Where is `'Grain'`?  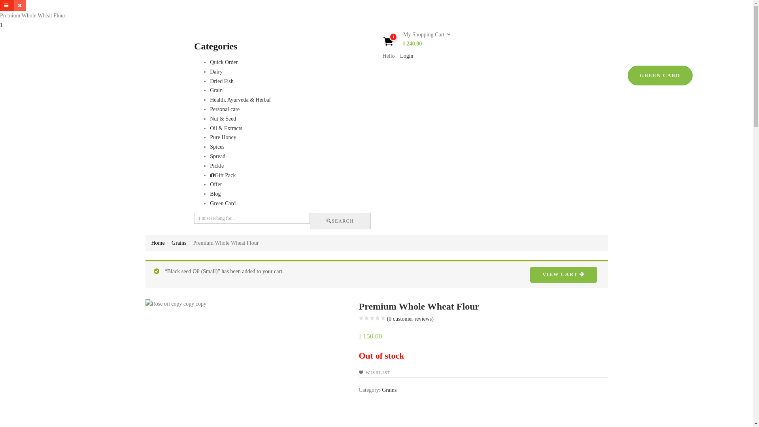 'Grain' is located at coordinates (216, 90).